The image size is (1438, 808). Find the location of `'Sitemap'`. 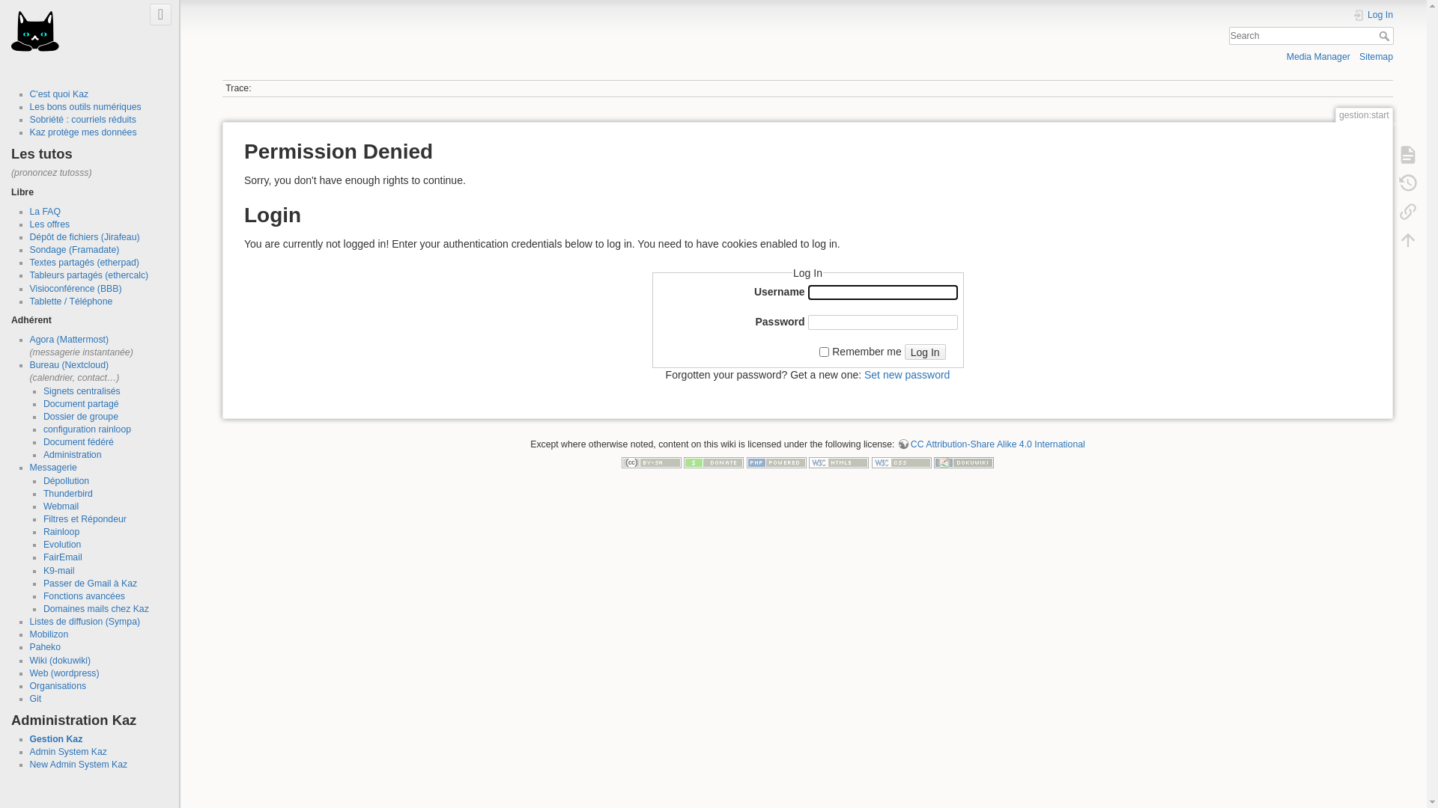

'Sitemap' is located at coordinates (1376, 56).